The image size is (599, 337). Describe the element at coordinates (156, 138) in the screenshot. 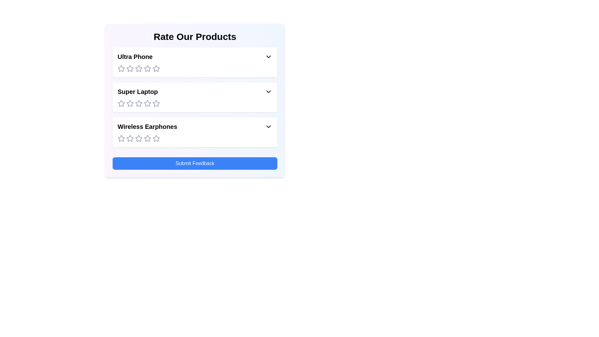

I see `the rating for the product 'Wireless Earphones' to 5 stars` at that location.